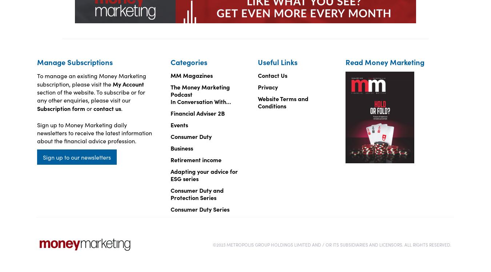  What do you see at coordinates (283, 102) in the screenshot?
I see `'Website Terms and Conditions'` at bounding box center [283, 102].